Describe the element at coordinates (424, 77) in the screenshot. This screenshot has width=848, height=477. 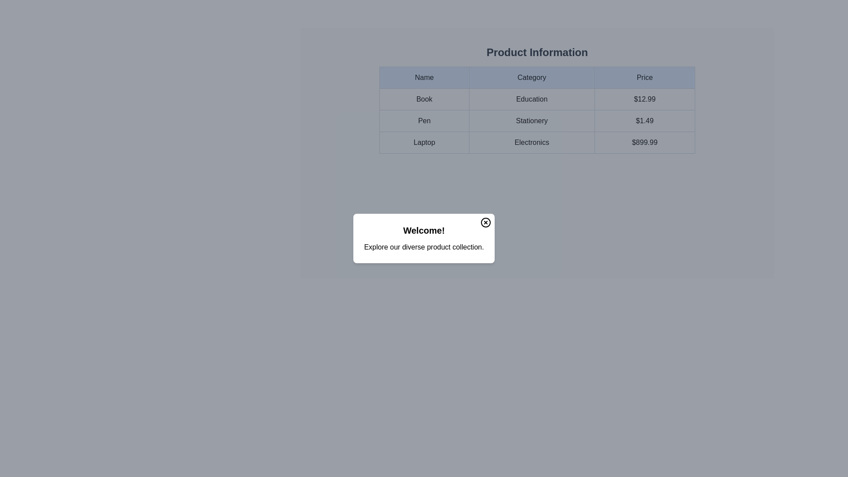
I see `text from the table header cell labeled 'Name', which is the first cell in the header row of the table with a gray border` at that location.